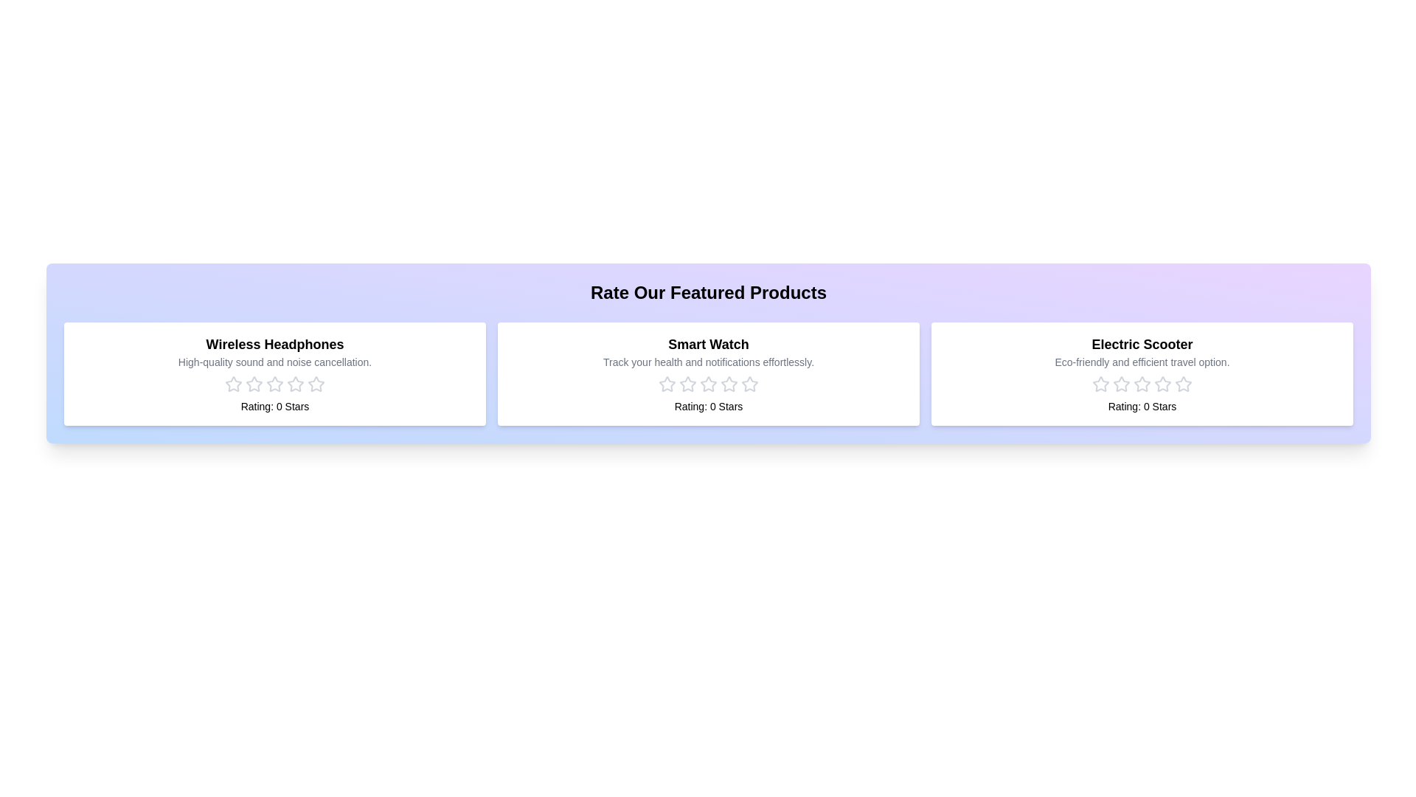 The height and width of the screenshot is (797, 1416). What do you see at coordinates (1183, 383) in the screenshot?
I see `the rating for the product 'Electric Scooter' to 5 stars by clicking on the corresponding star` at bounding box center [1183, 383].